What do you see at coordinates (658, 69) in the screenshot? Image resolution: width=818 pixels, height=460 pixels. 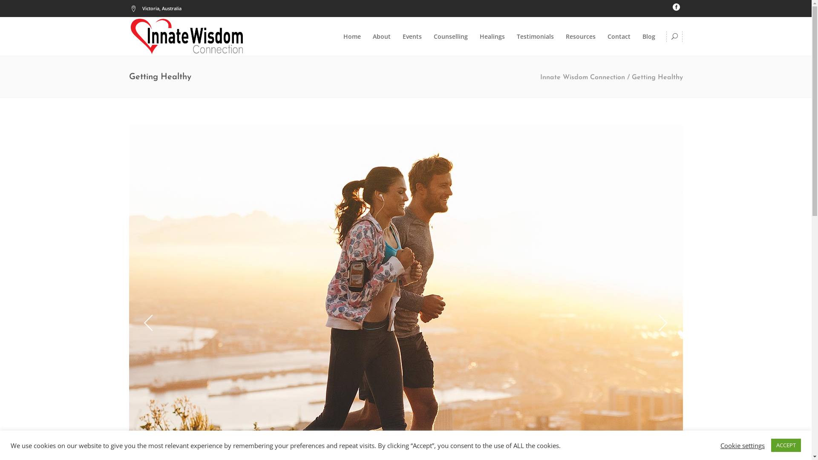 I see `'Search'` at bounding box center [658, 69].